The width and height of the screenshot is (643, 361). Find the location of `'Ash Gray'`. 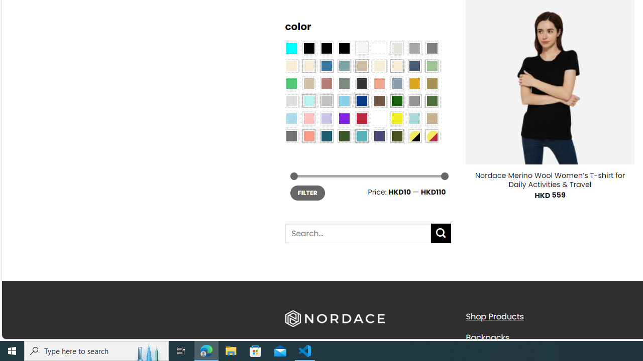

'Ash Gray' is located at coordinates (396, 48).